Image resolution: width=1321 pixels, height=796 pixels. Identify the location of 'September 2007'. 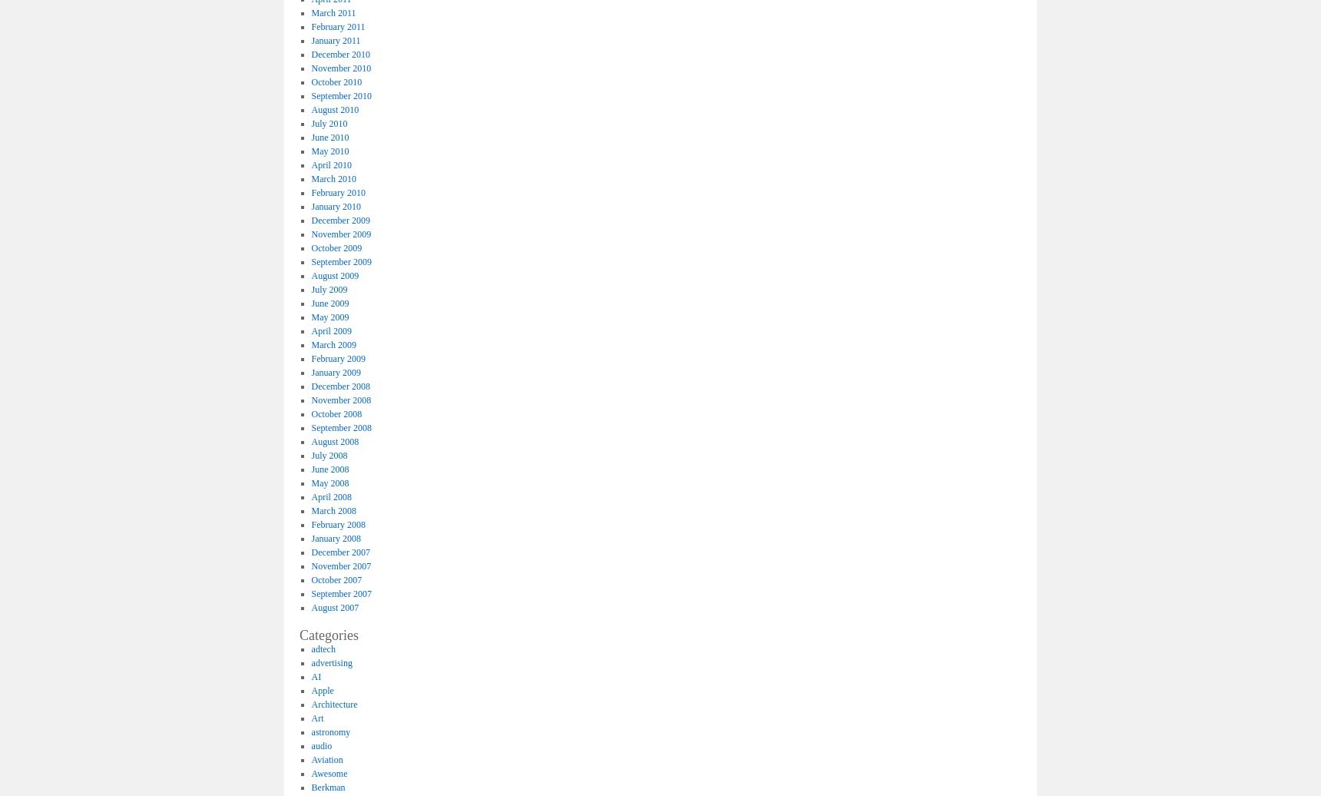
(339, 593).